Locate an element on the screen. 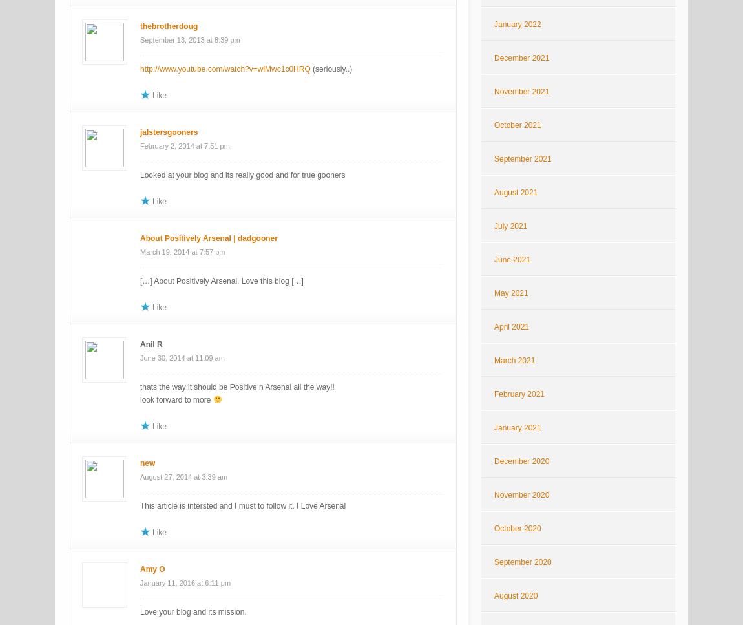 This screenshot has height=625, width=743. 'July 2021' is located at coordinates (510, 225).